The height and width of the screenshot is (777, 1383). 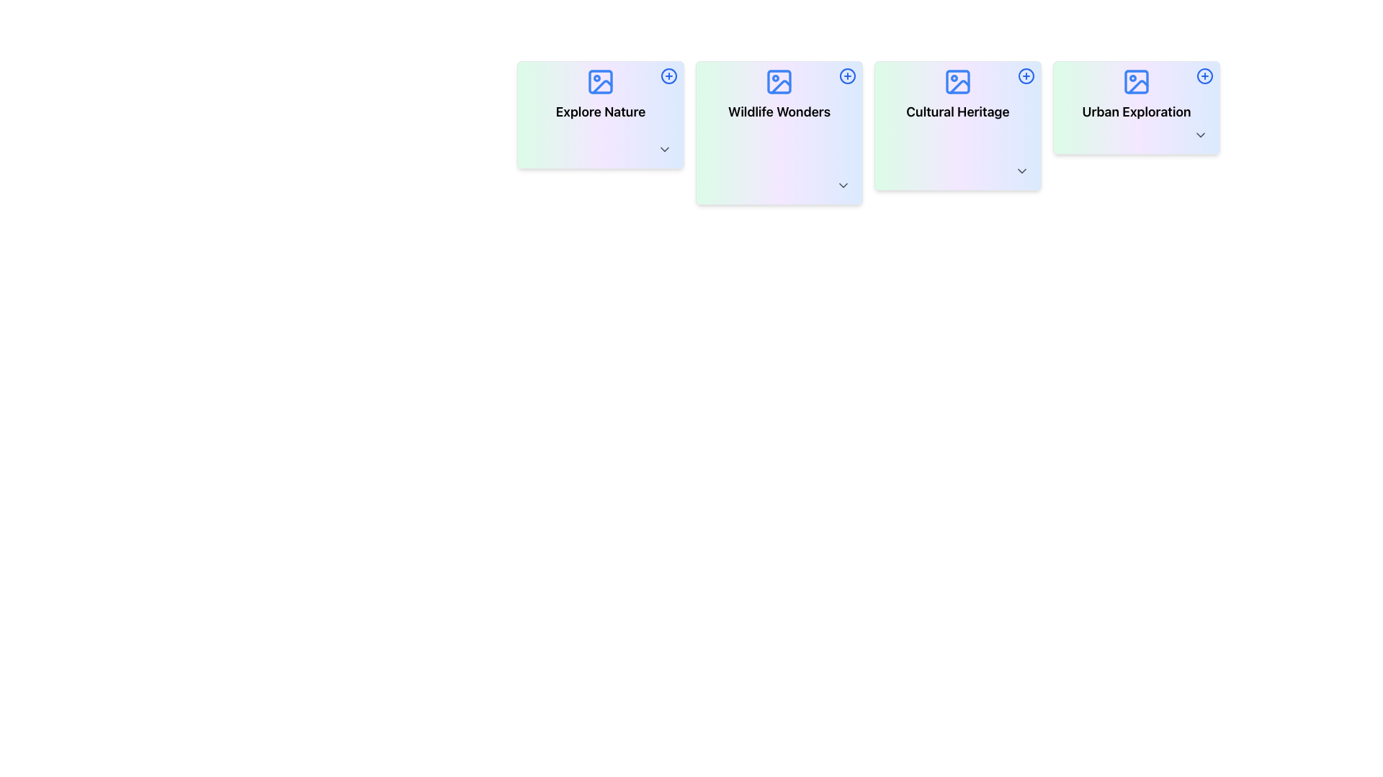 What do you see at coordinates (1026, 76) in the screenshot?
I see `the circular blue outlined button with a plus sign in the center located at the top-right corner of the 'Cultural Heritage' card` at bounding box center [1026, 76].